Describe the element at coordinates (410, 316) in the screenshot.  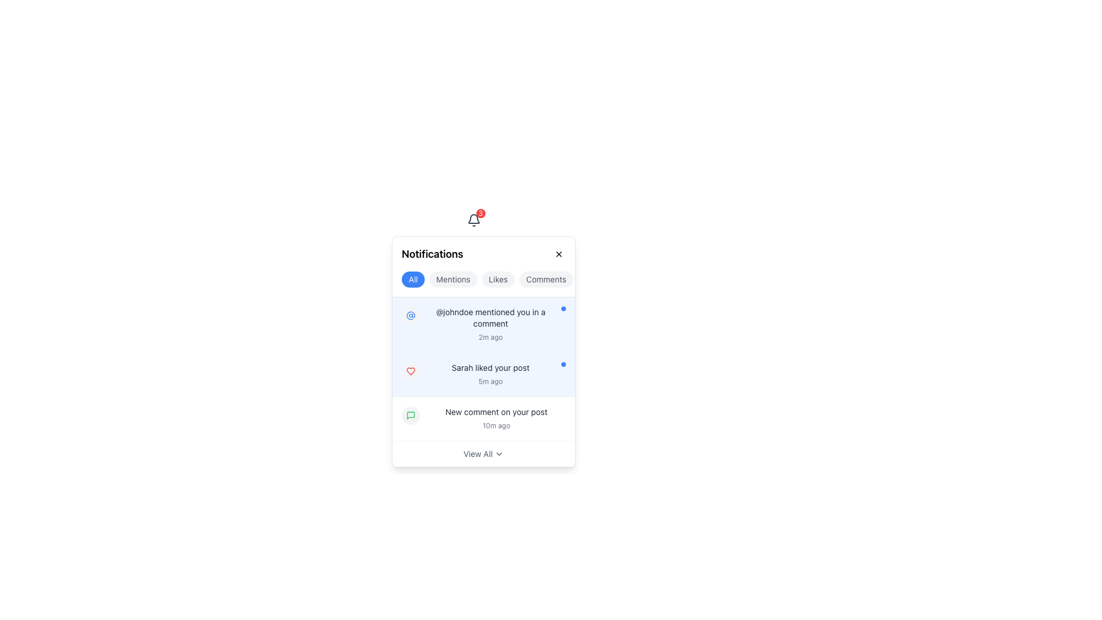
I see `the blue curved line portion of the '@' icon in the notification entry that reads '@johndoe mentioned you in a comment' under the 'All' tab` at that location.